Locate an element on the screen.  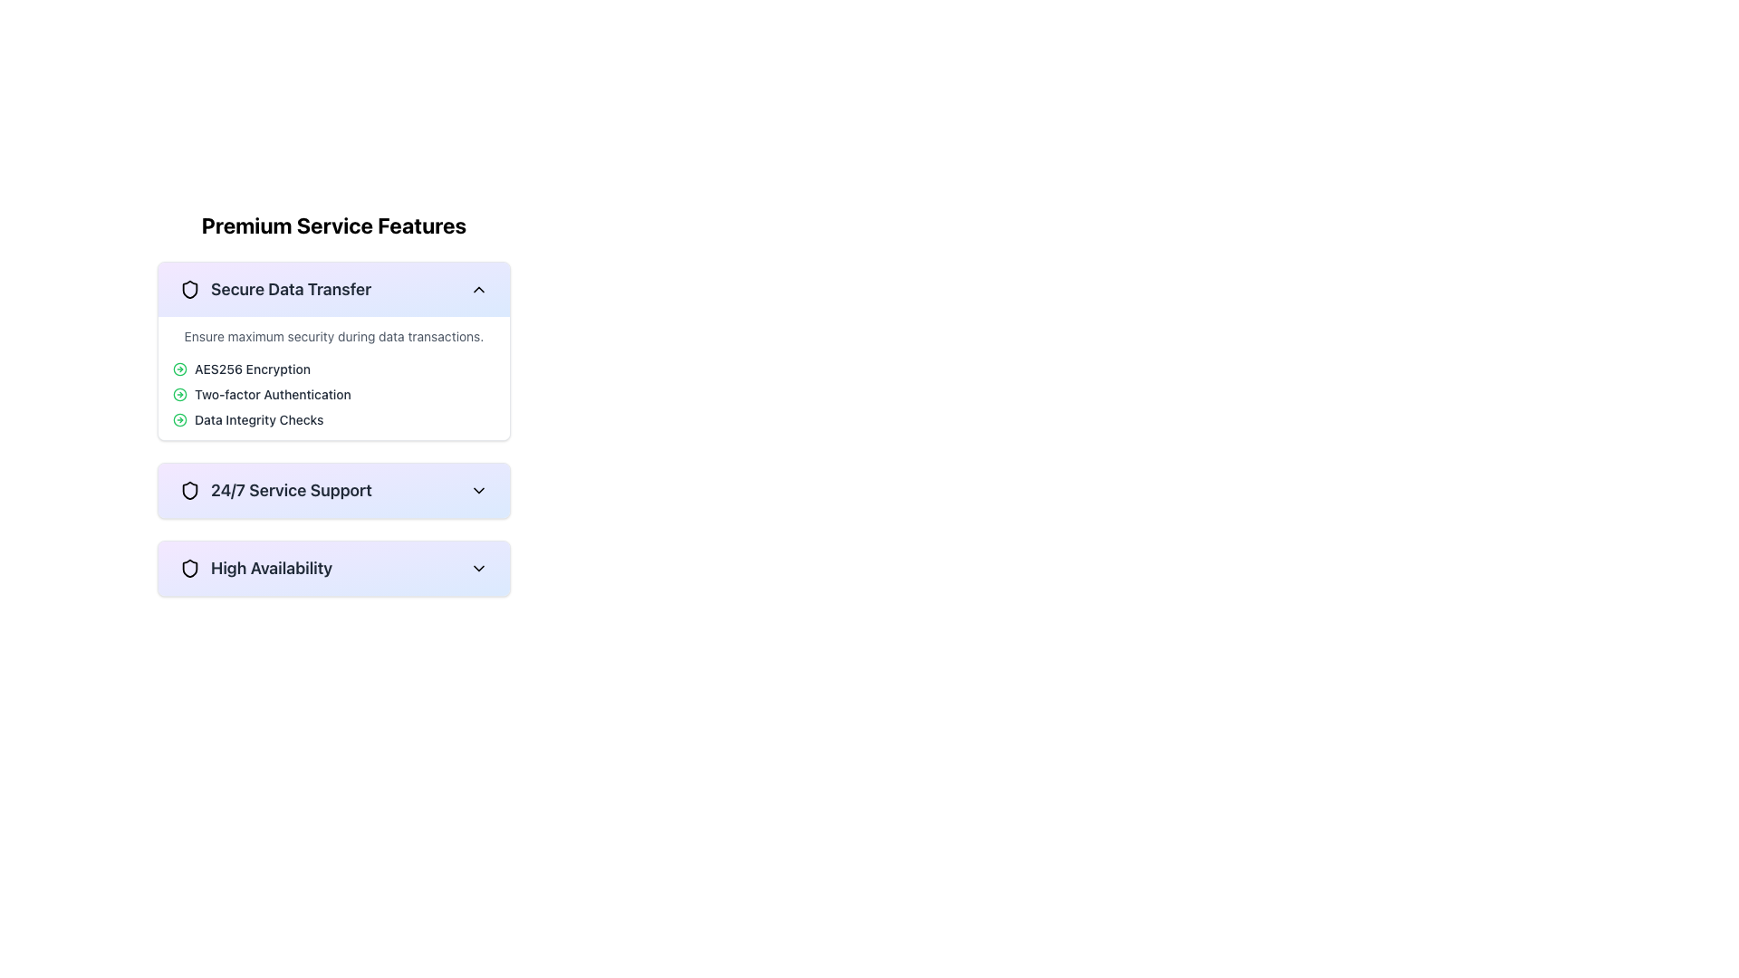
the downwards-pointing chevron icon located at the far-right end of the 'High Availability' section is located at coordinates (478, 568).